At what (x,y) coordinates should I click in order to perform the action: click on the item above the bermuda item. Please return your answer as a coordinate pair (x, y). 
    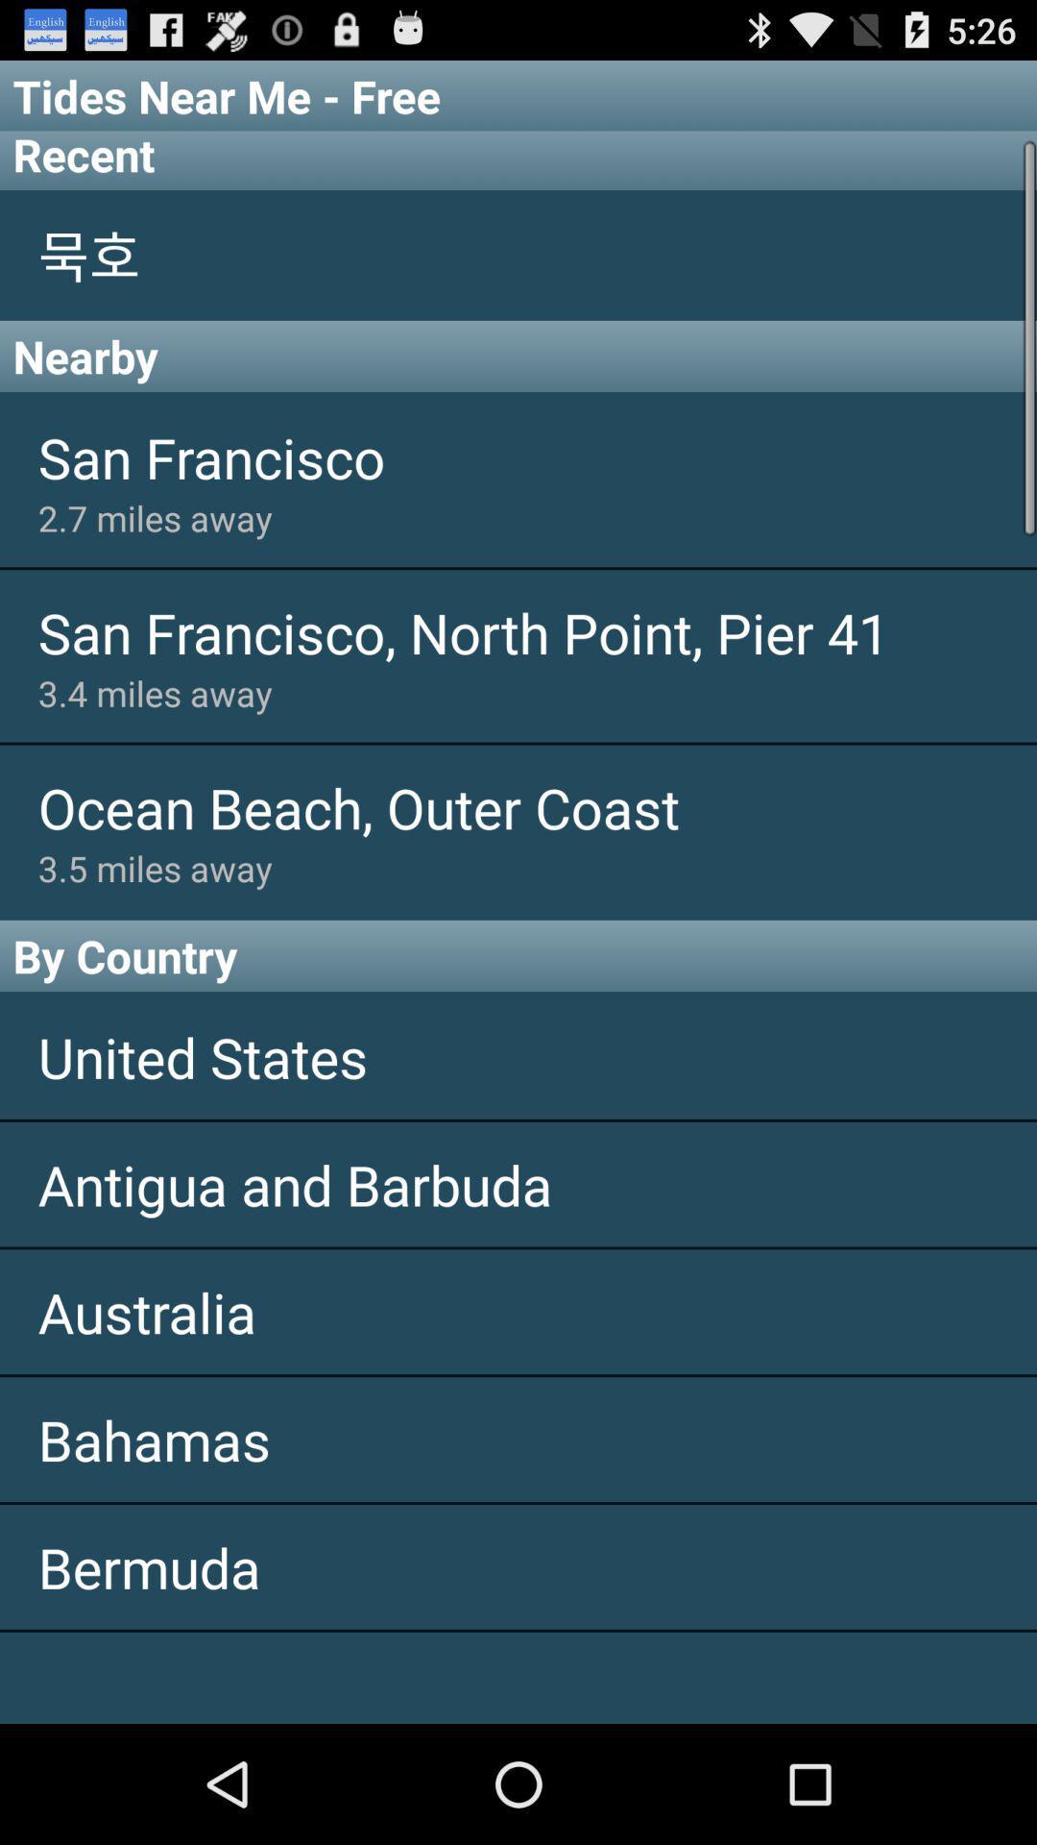
    Looking at the image, I should click on (518, 1439).